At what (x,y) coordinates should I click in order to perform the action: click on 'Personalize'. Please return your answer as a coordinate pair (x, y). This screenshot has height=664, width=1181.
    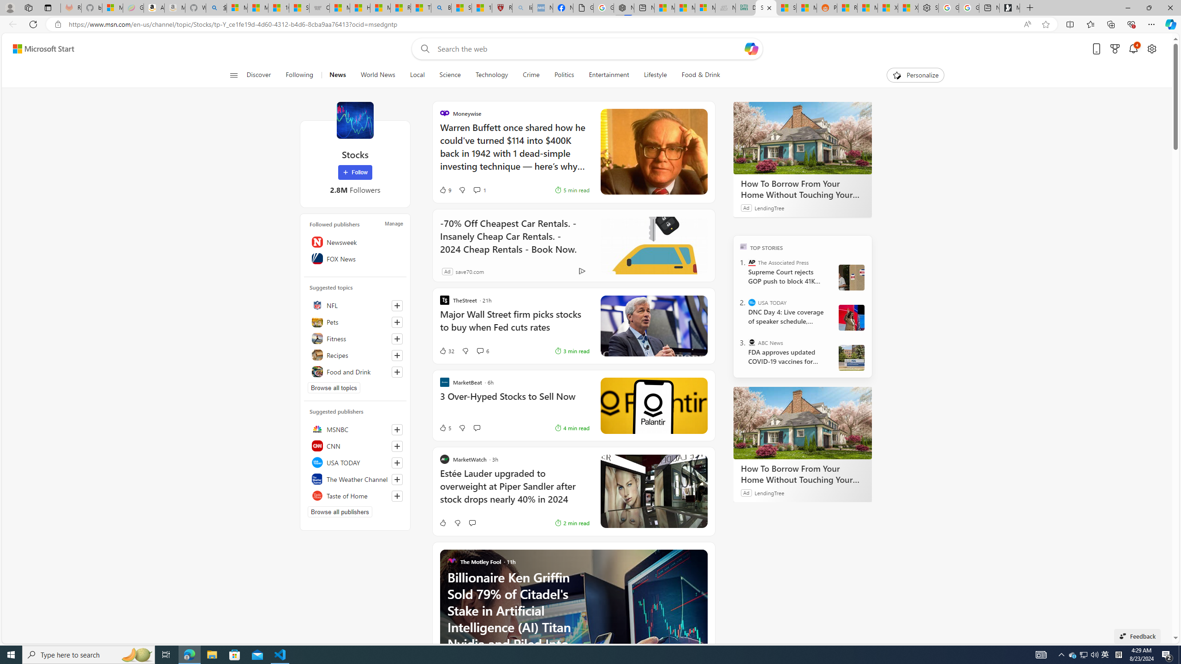
    Looking at the image, I should click on (915, 75).